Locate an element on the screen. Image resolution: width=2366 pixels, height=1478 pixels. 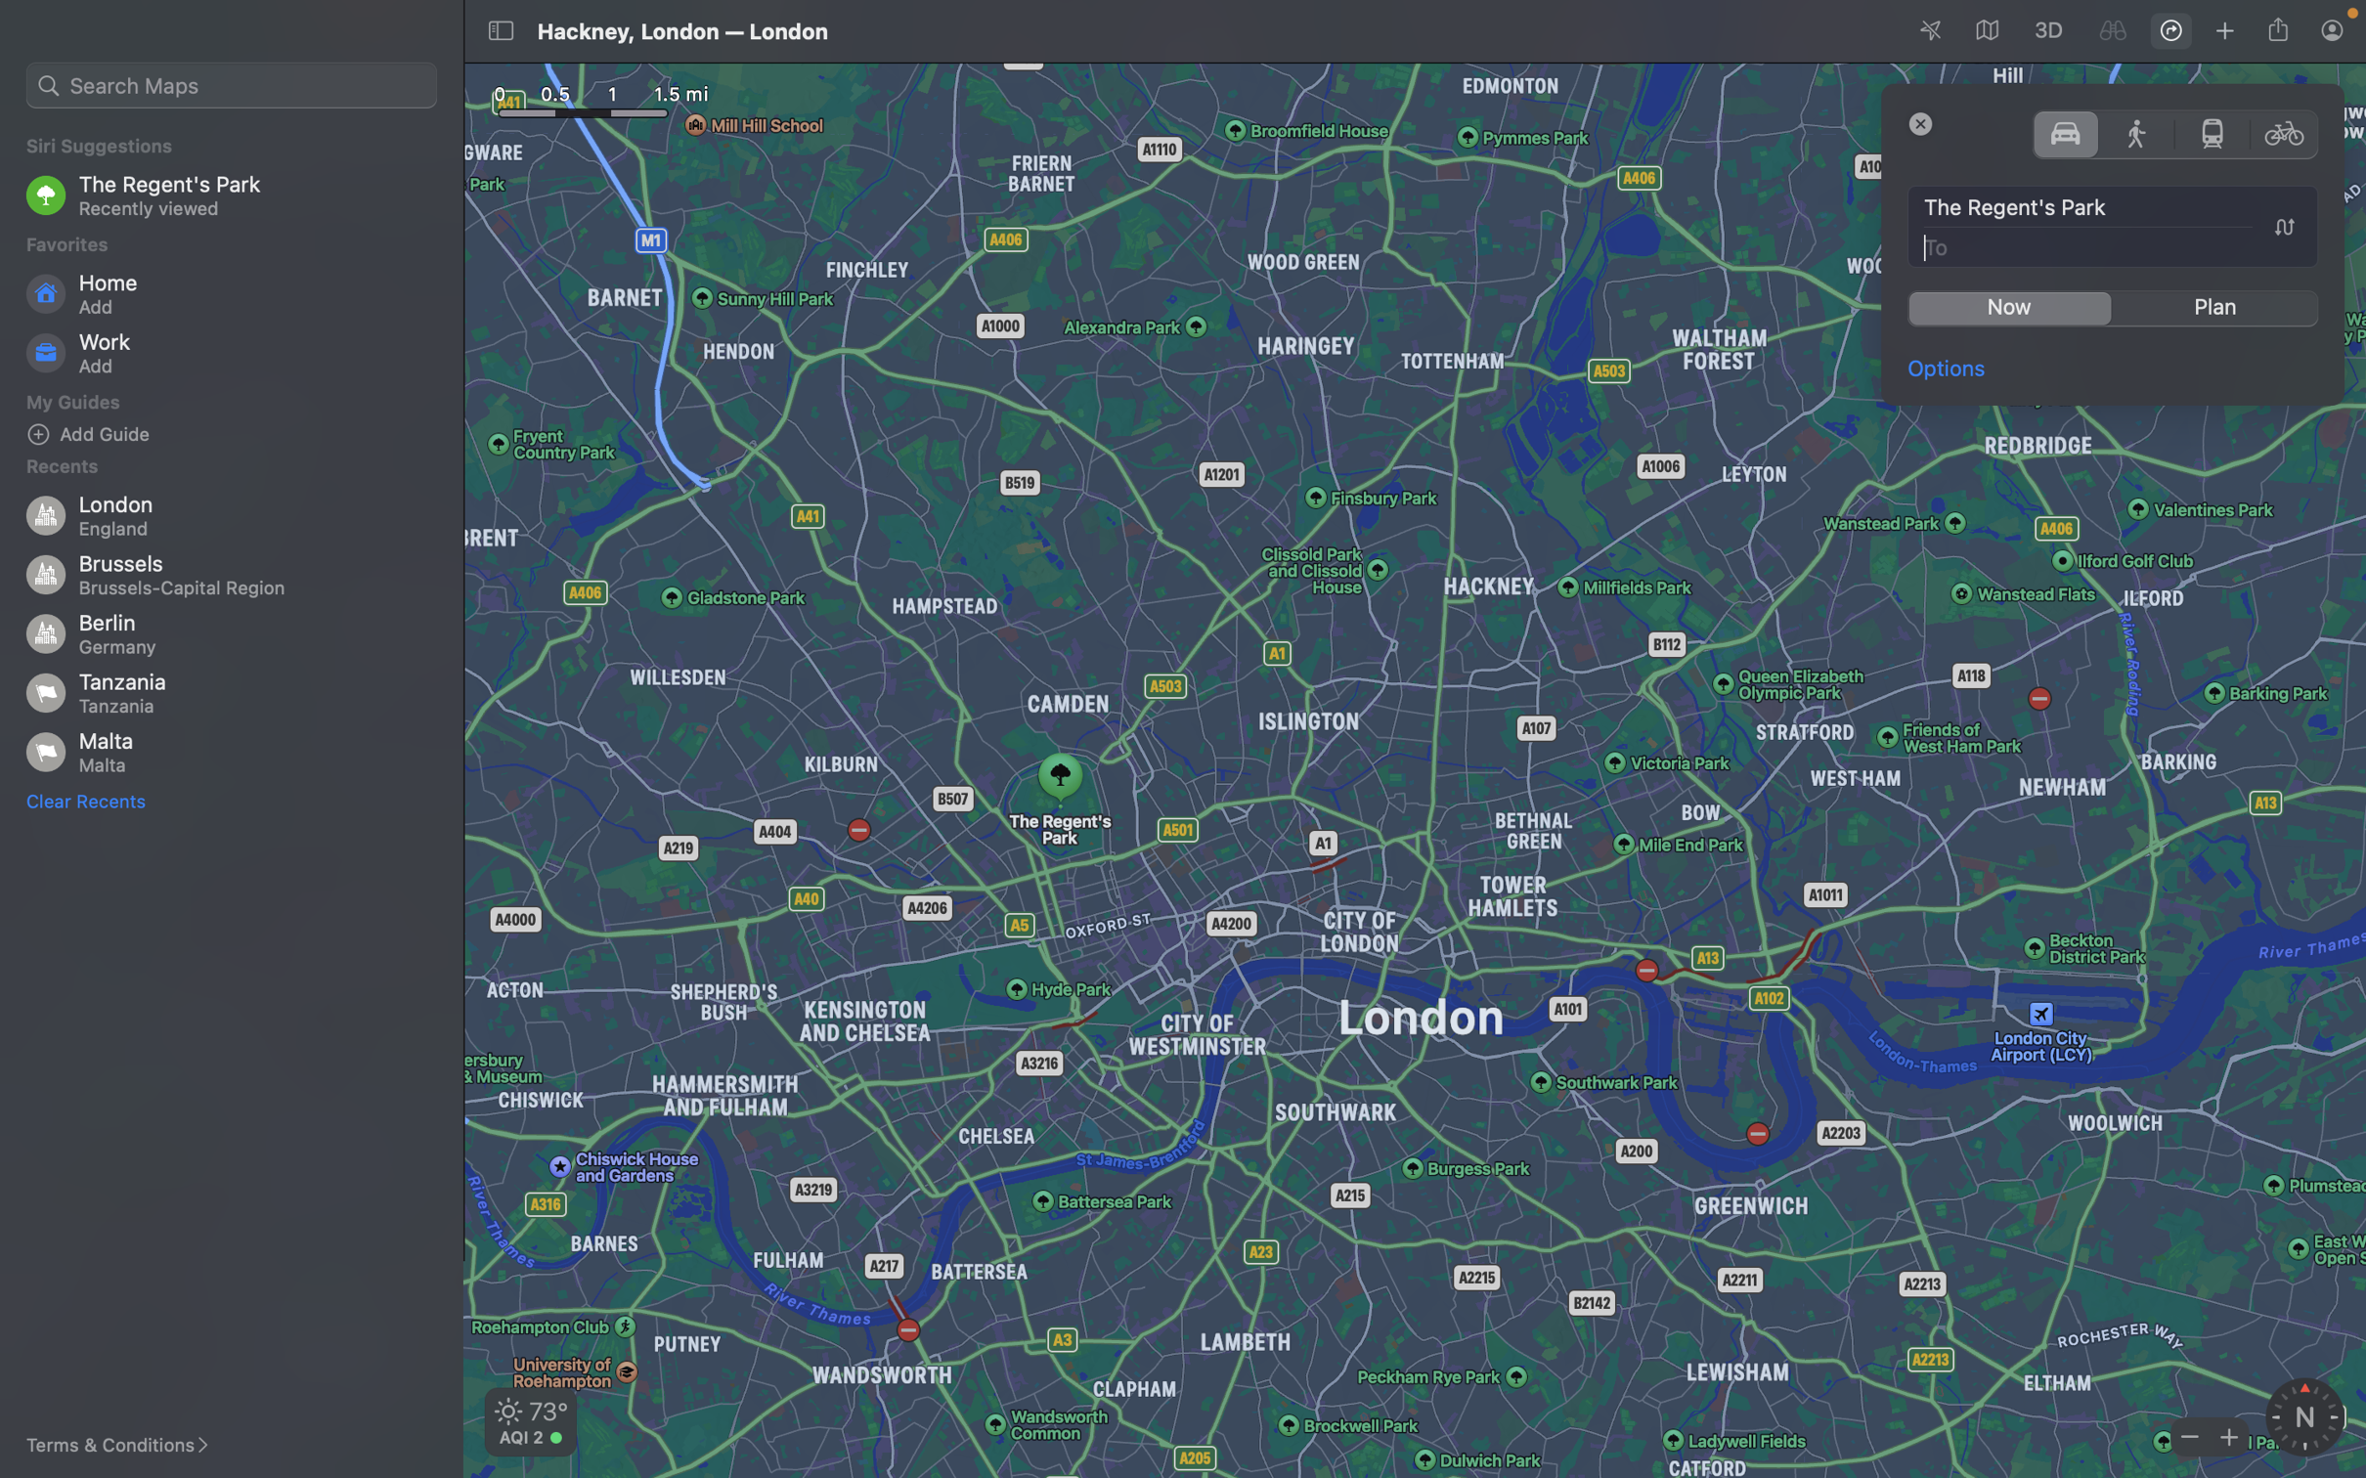
the "destination" field and enter the destination as Paris is located at coordinates (2114, 245).